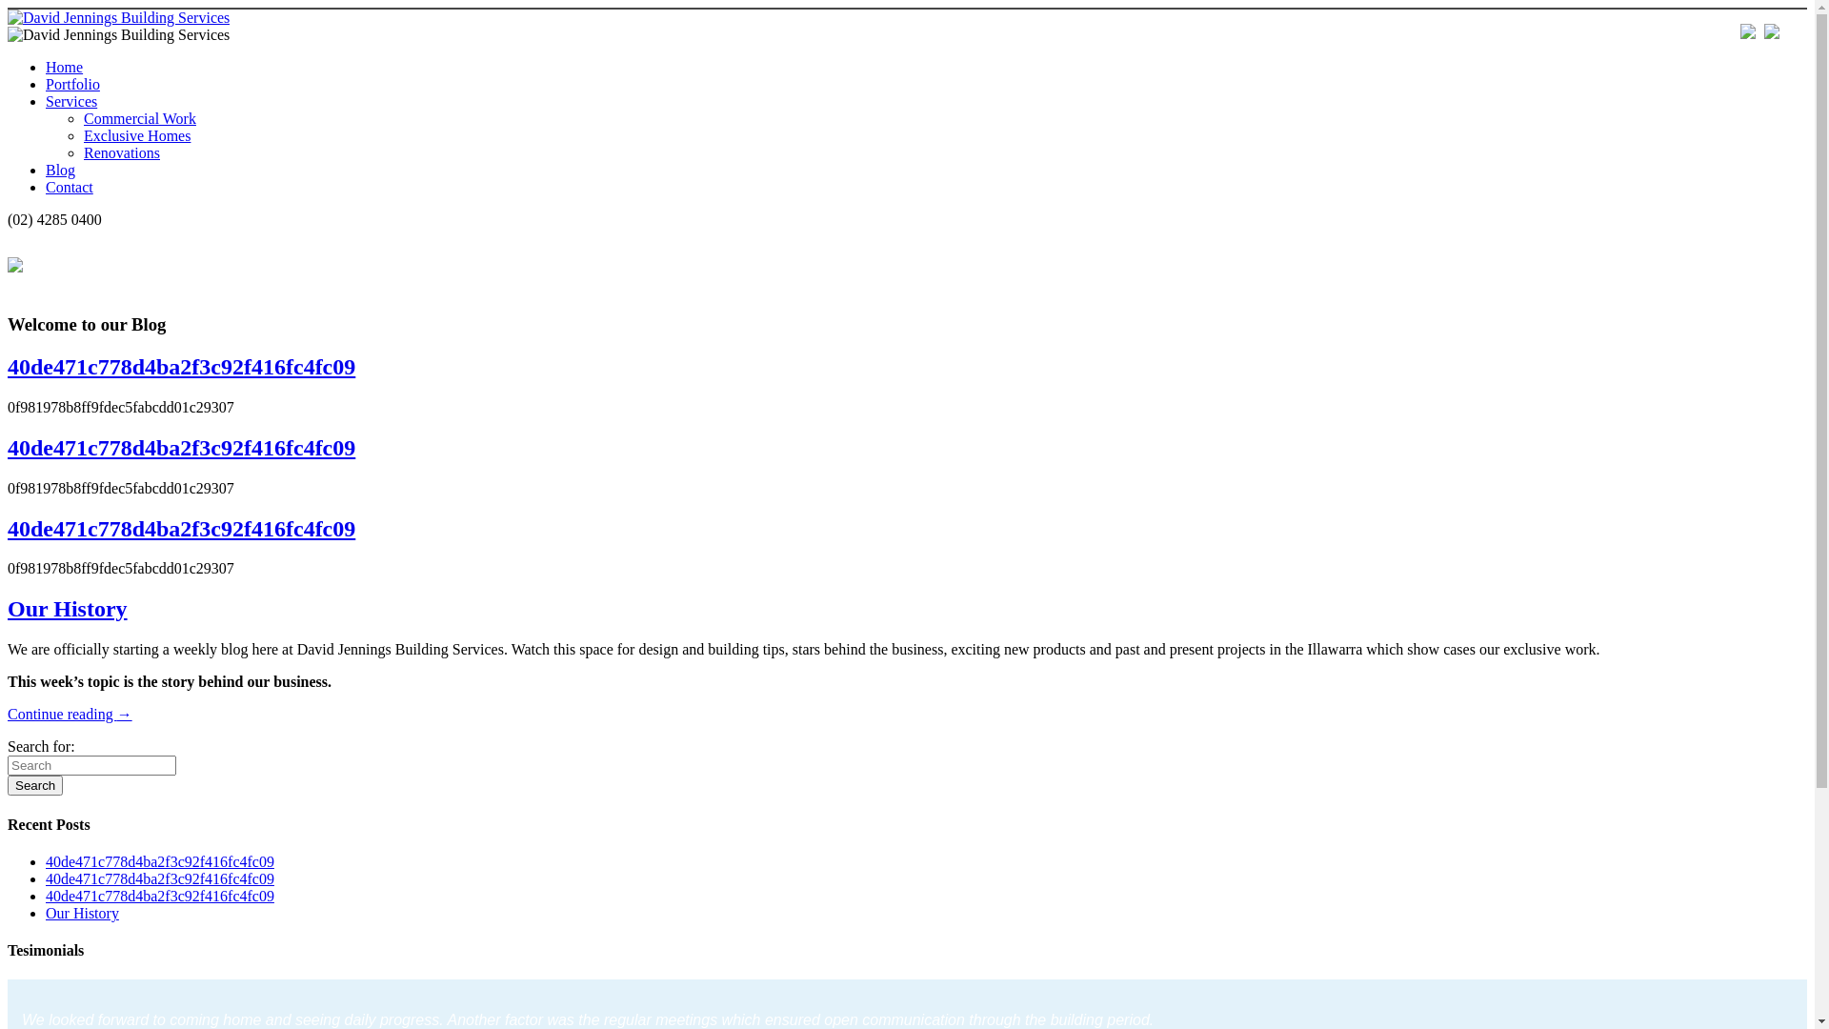  Describe the element at coordinates (69, 187) in the screenshot. I see `'Contact'` at that location.